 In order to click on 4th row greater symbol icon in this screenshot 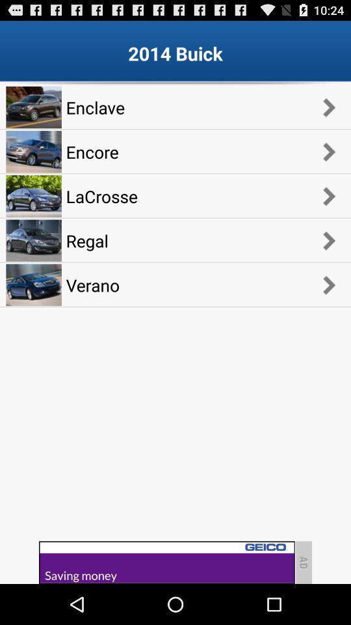, I will do `click(328, 240)`.